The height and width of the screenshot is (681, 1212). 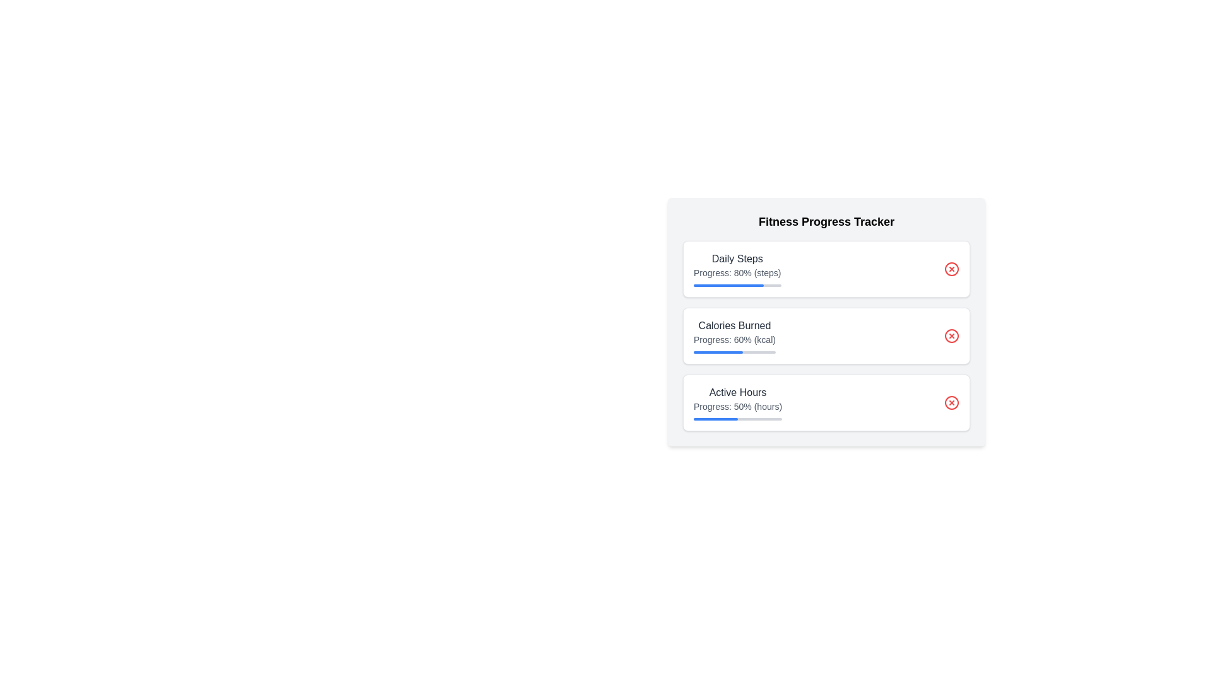 What do you see at coordinates (734, 339) in the screenshot?
I see `the text label that reads 'Progress: 60% (kcal)', which is styled in gray and located below the heading 'Calories Burned' and above the progress bar` at bounding box center [734, 339].